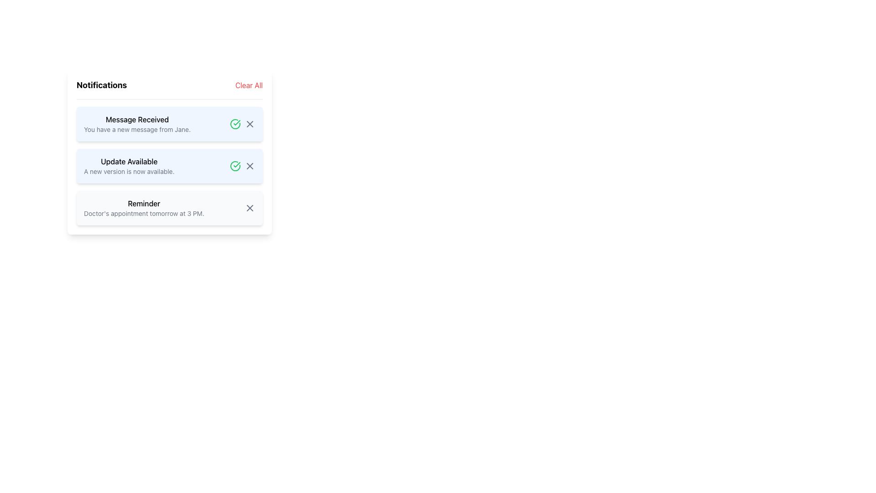  What do you see at coordinates (137, 119) in the screenshot?
I see `the 'Message Received' text label, which is displayed prominently at the top of the first notification card in the notification list` at bounding box center [137, 119].